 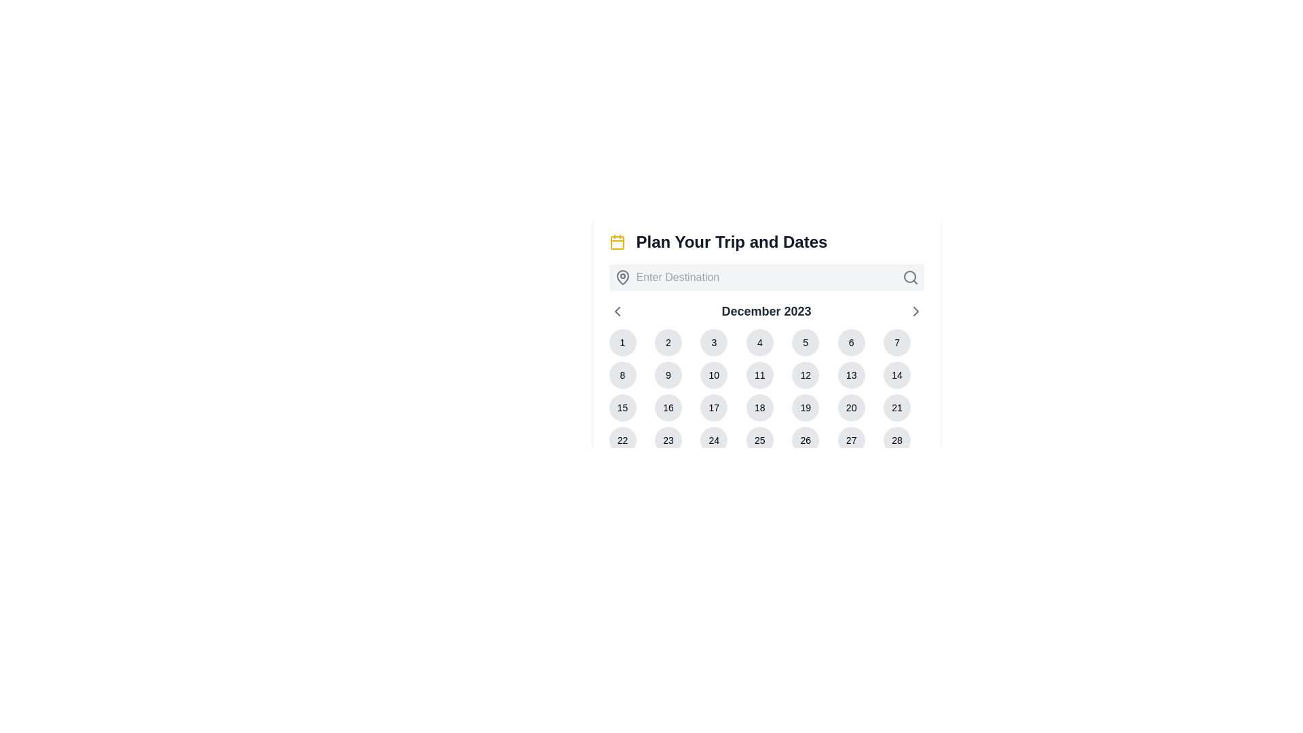 What do you see at coordinates (806, 407) in the screenshot?
I see `the date selection button for December 19, 2023` at bounding box center [806, 407].